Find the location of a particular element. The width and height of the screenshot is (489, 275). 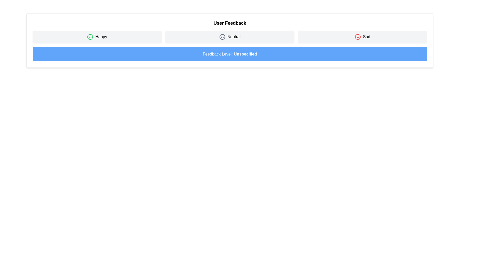

the text label displaying 'Unspecified' which is part of the sentence 'Feedback Level: Unspecified', located on a blue rectangular banner in the lower section of the interface is located at coordinates (245, 54).